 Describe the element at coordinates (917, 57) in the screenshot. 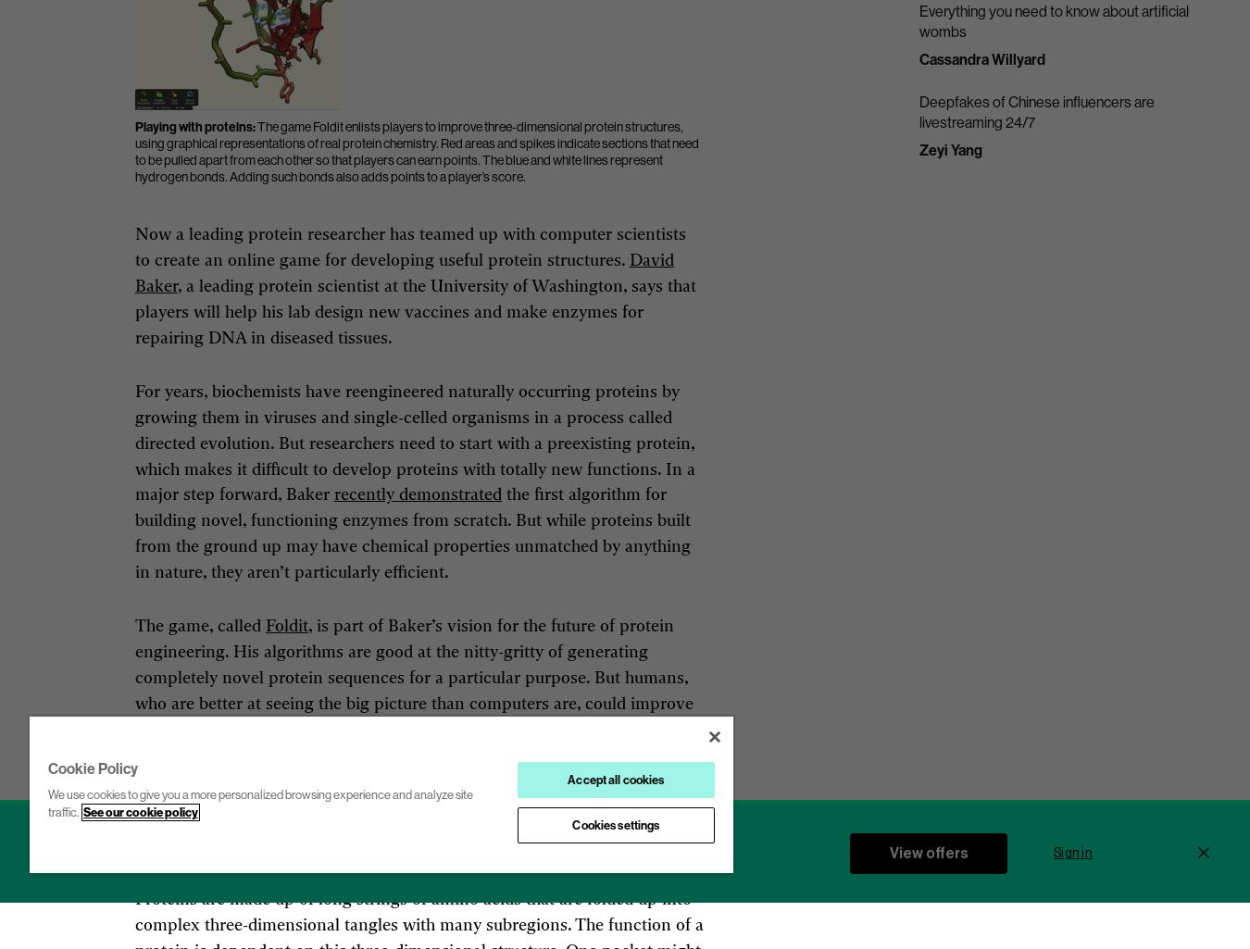

I see `'Cassandra Willyard'` at that location.